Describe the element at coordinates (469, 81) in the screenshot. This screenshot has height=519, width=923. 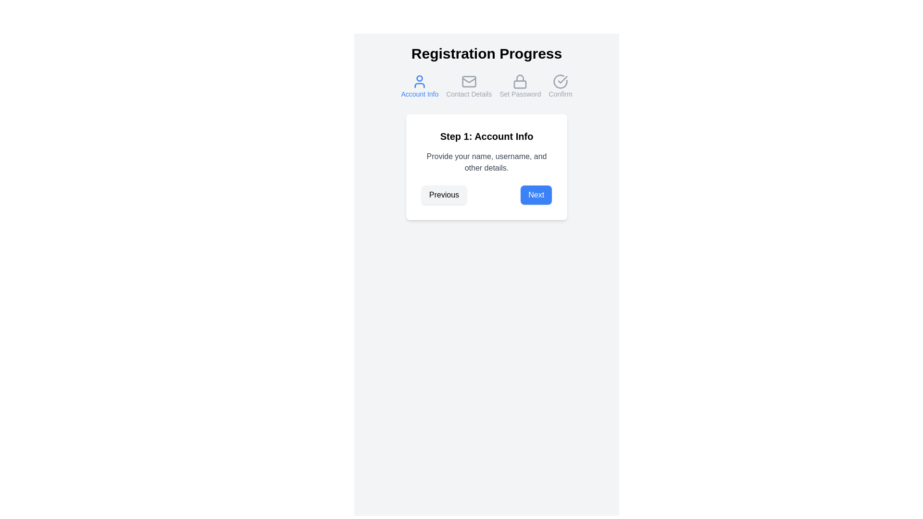
I see `the rectangular element with curved corners that is located within the envelope icon representing 'Contact Details' in the navigation bar` at that location.